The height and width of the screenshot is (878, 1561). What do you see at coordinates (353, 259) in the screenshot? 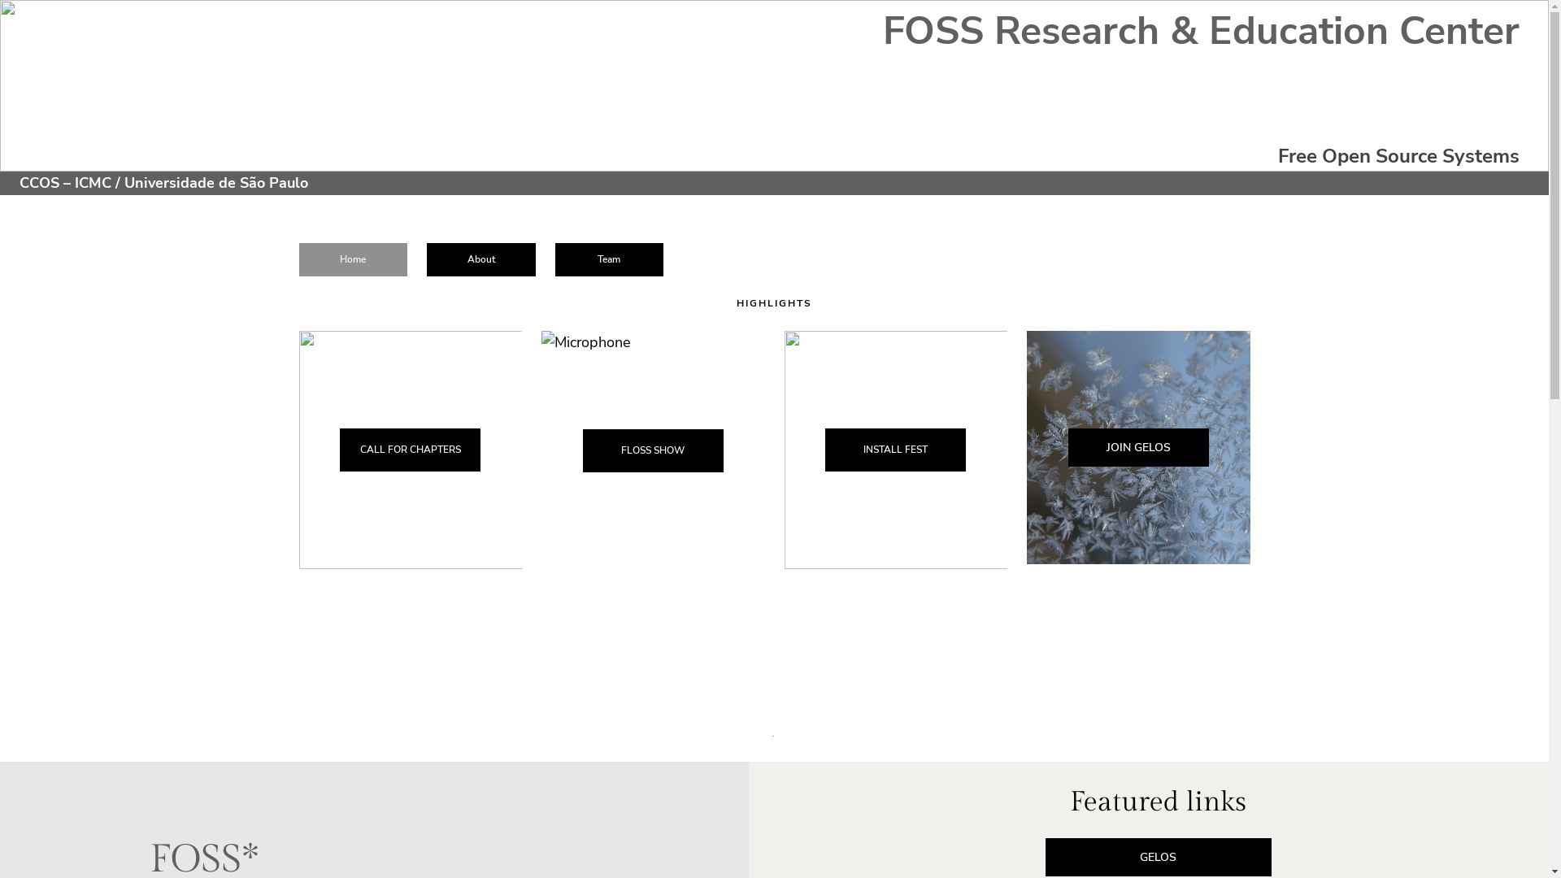
I see `'Home'` at bounding box center [353, 259].